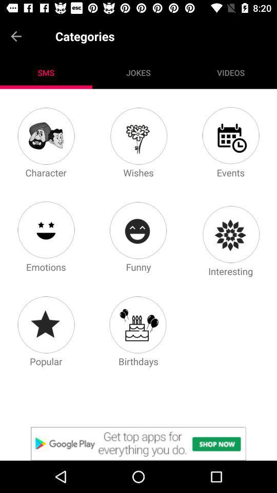 This screenshot has height=493, width=277. Describe the element at coordinates (138, 443) in the screenshot. I see `announcement` at that location.